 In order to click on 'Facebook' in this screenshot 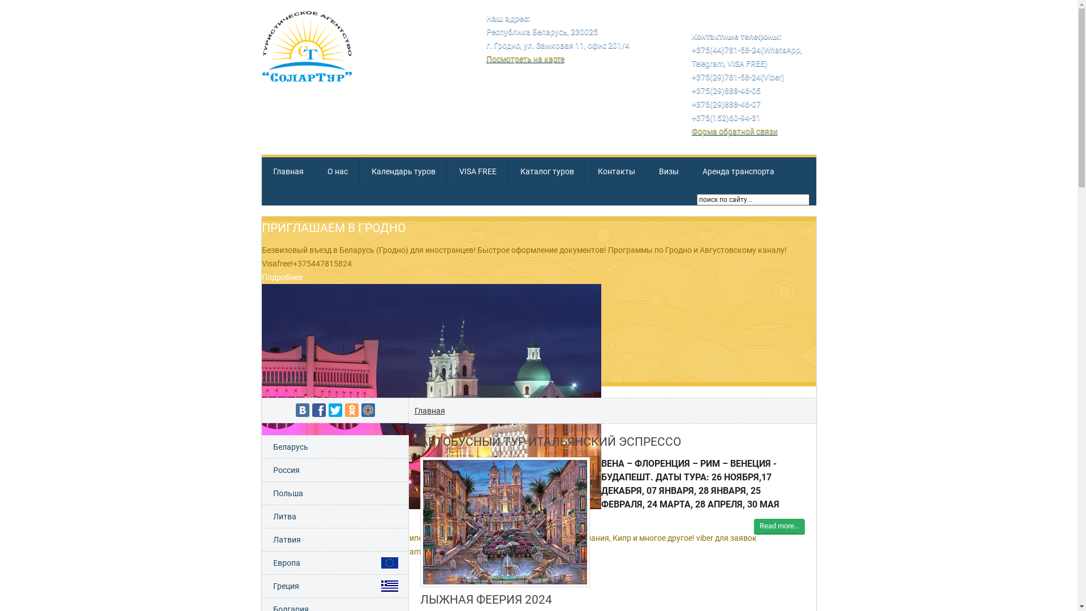, I will do `click(318, 410)`.